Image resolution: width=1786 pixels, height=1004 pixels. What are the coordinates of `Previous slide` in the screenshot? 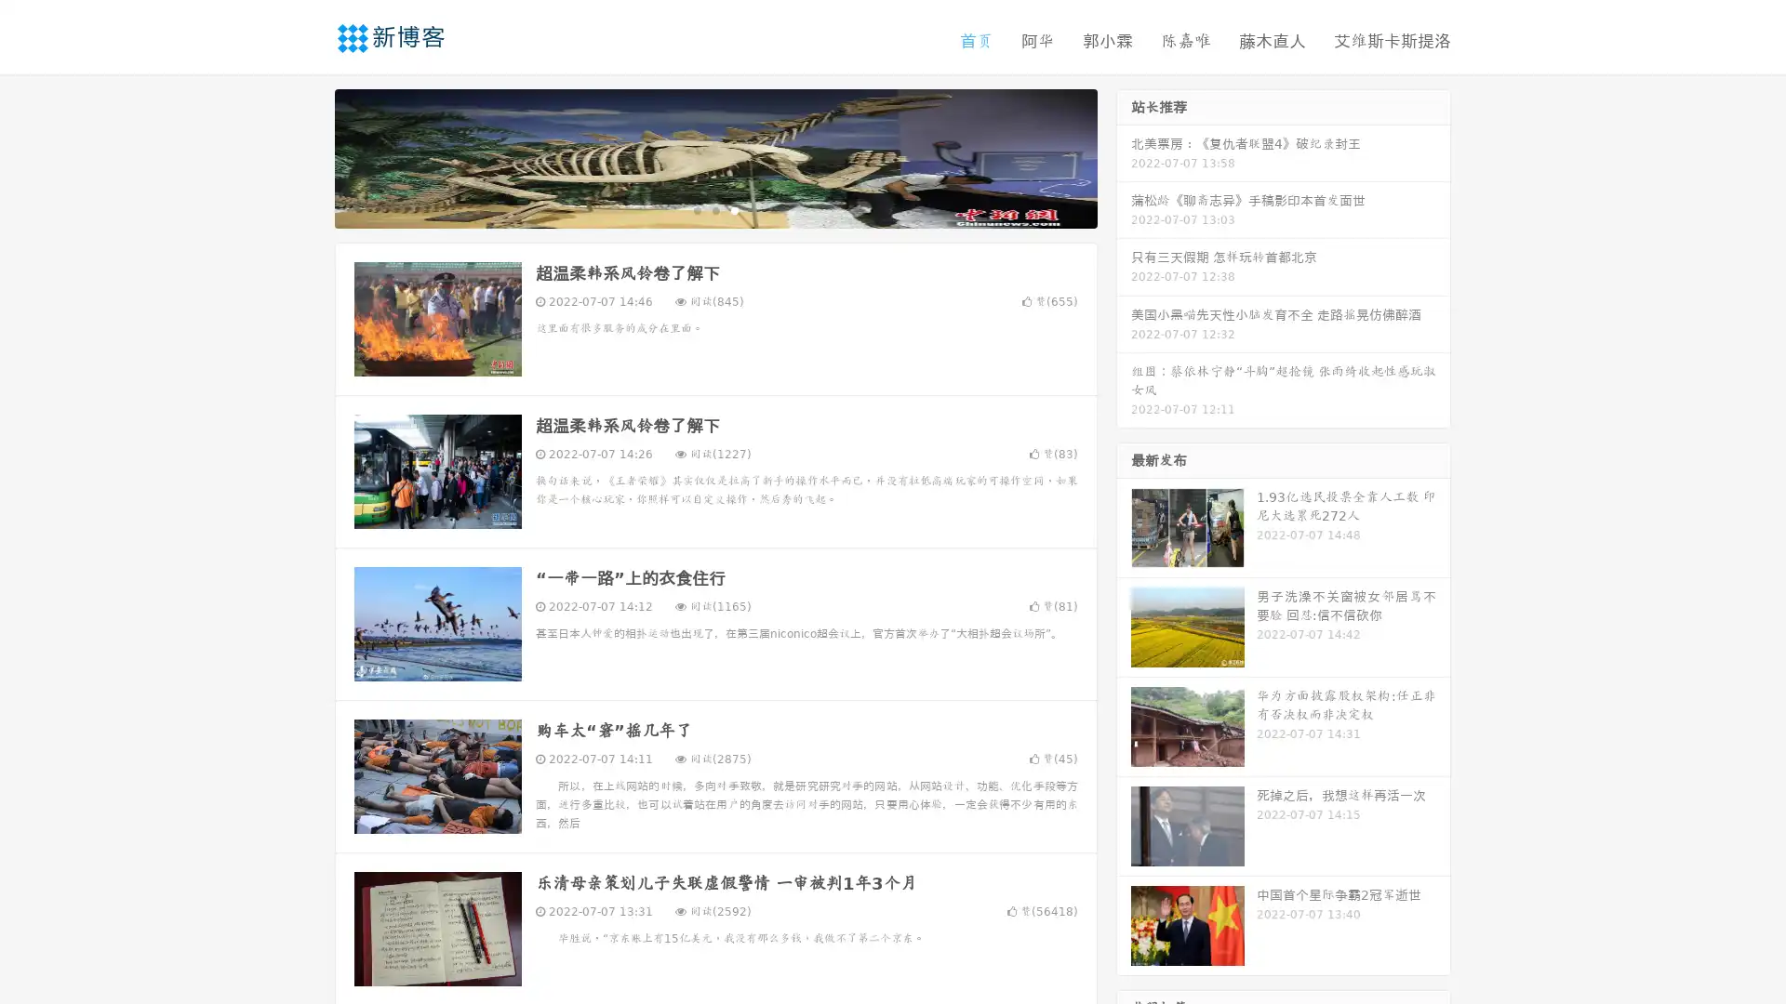 It's located at (307, 156).